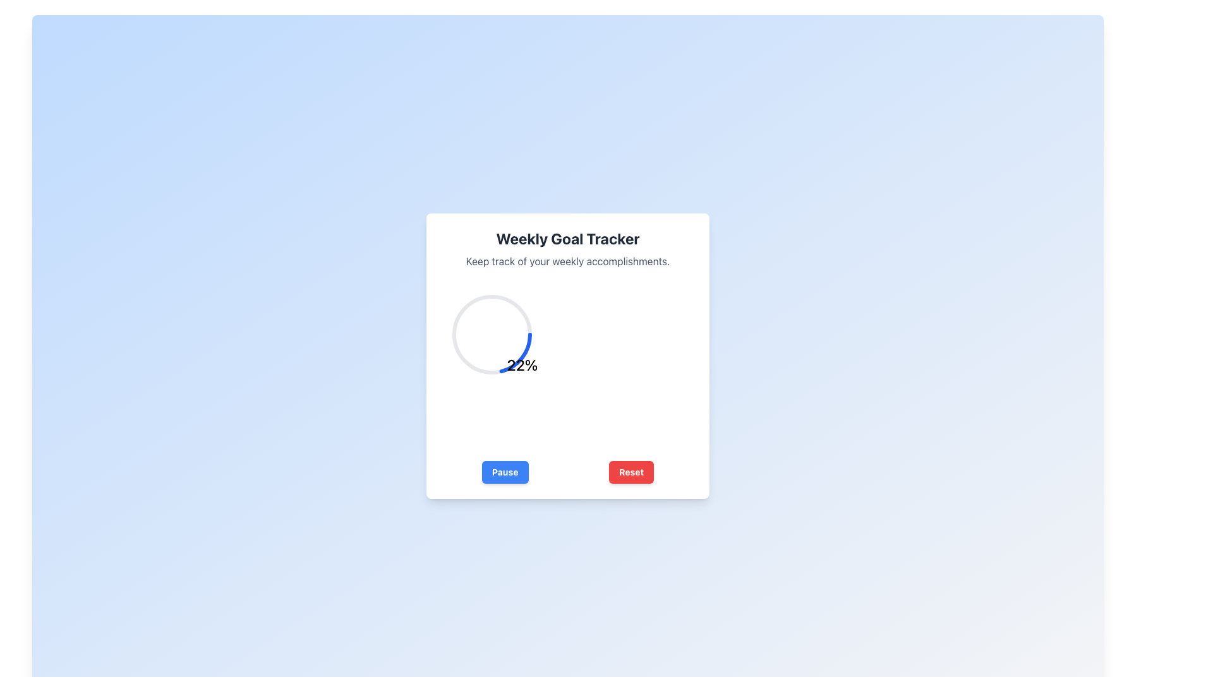  I want to click on the pause button located to the left of the red 'Reset' button in the 'Weekly Goal Tracker' panel to temporarily halt the ongoing process, so click(504, 472).